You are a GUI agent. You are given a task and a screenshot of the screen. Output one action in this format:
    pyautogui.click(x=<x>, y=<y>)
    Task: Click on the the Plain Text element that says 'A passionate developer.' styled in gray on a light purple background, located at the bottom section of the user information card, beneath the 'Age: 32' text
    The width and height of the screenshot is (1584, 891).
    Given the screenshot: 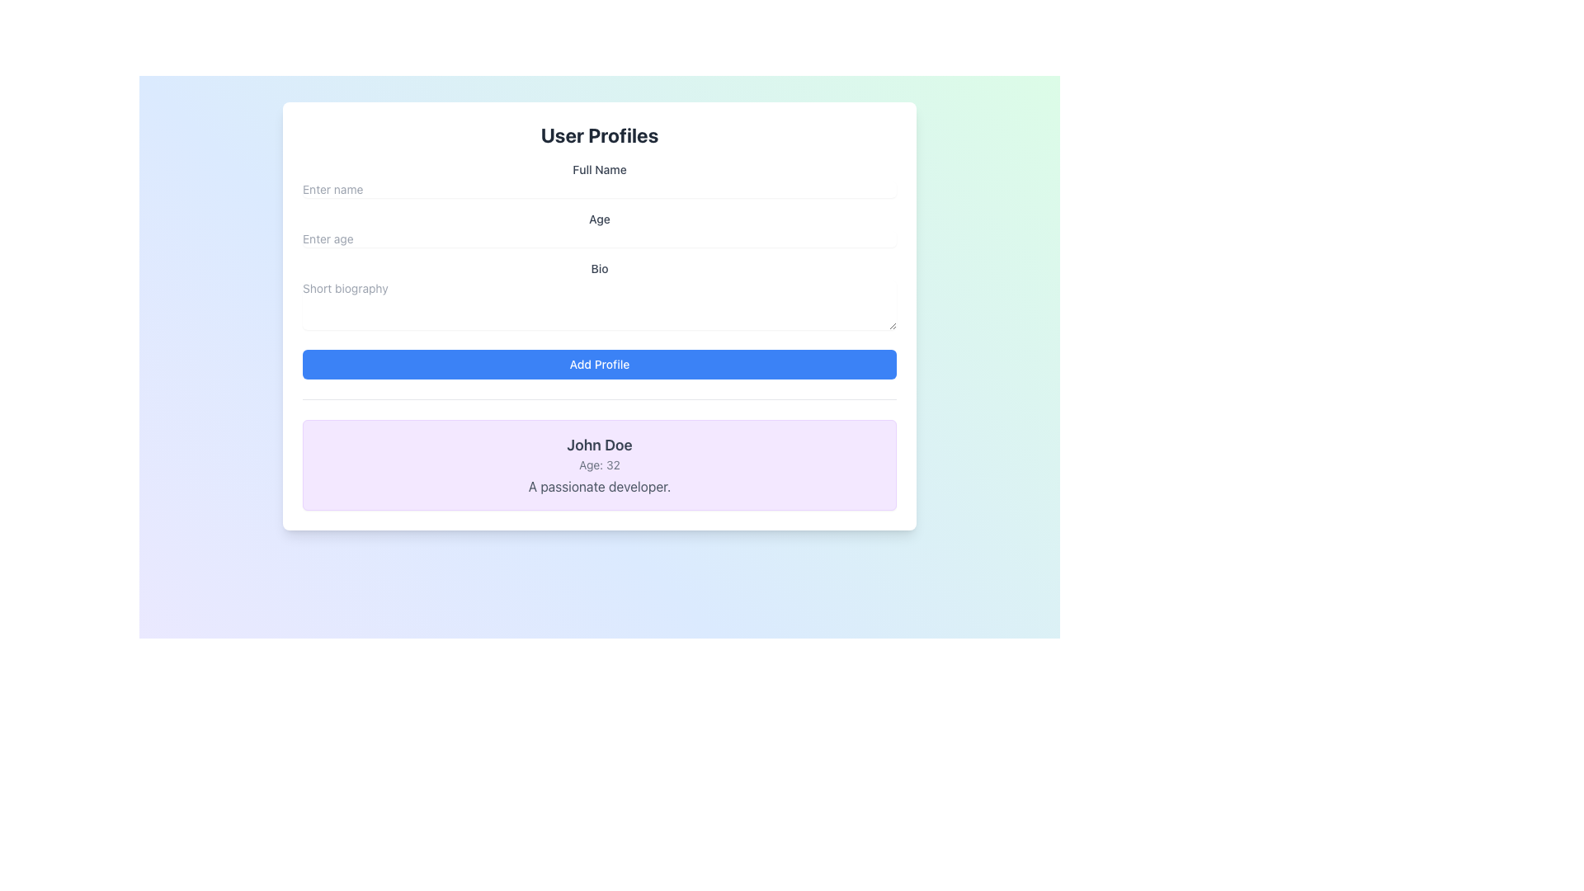 What is the action you would take?
    pyautogui.click(x=598, y=486)
    